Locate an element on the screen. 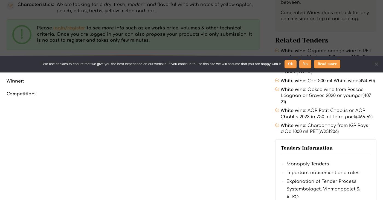 This screenshot has height=200, width=383. 'Organic orange wine in PET or glass bottle (max 420 grams)(495-13)' is located at coordinates (326, 54).